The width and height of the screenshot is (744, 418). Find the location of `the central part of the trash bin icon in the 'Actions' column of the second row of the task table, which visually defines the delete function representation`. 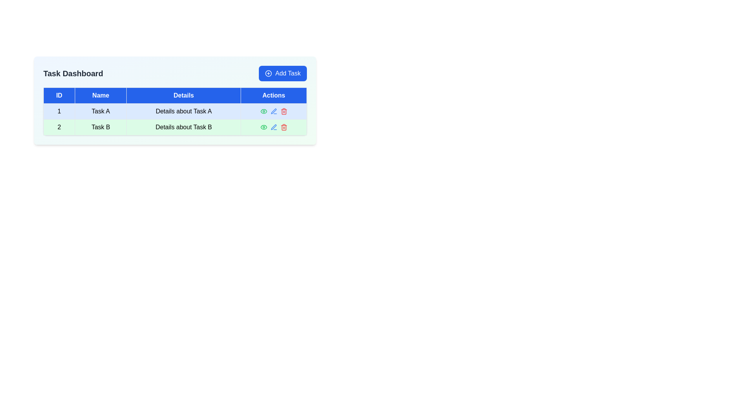

the central part of the trash bin icon in the 'Actions' column of the second row of the task table, which visually defines the delete function representation is located at coordinates (283, 127).